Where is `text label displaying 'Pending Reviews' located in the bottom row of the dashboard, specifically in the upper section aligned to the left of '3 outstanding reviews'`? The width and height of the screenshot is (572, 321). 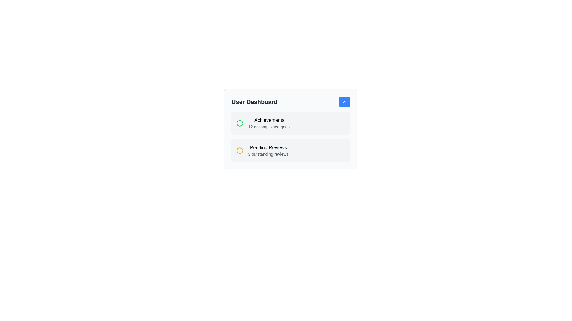
text label displaying 'Pending Reviews' located in the bottom row of the dashboard, specifically in the upper section aligned to the left of '3 outstanding reviews' is located at coordinates (268, 147).